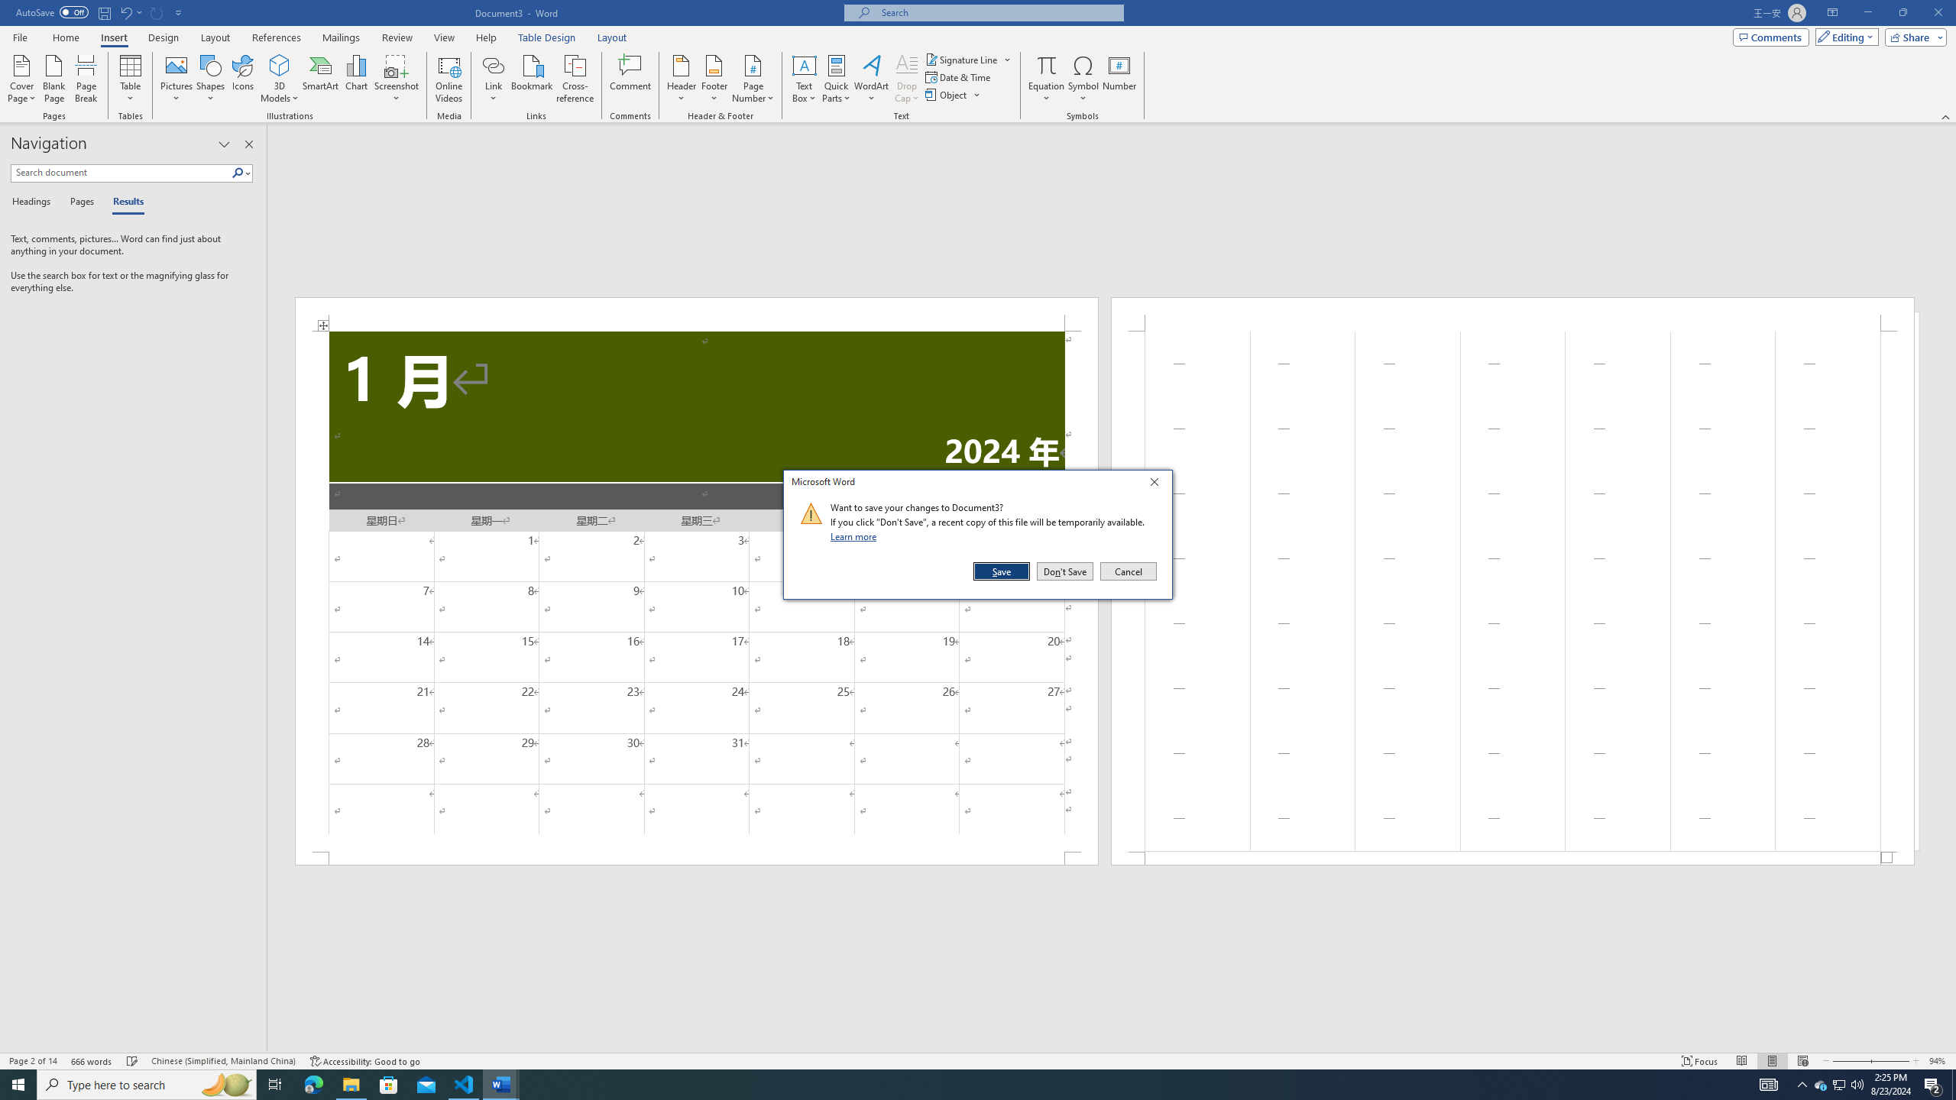 The image size is (1956, 1100). I want to click on 'Screenshot', so click(396, 79).